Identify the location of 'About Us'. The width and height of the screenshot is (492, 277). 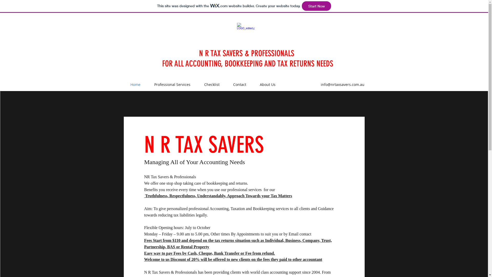
(267, 84).